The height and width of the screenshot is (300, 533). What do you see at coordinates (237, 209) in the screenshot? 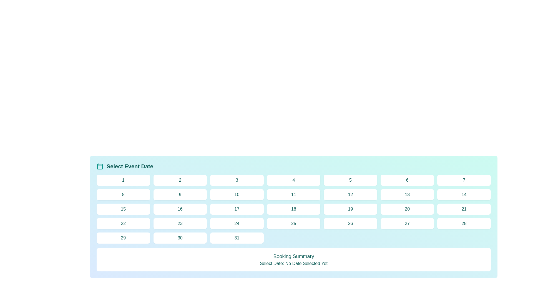
I see `the rectangular button with the number '17' which has a white background and teal text` at bounding box center [237, 209].